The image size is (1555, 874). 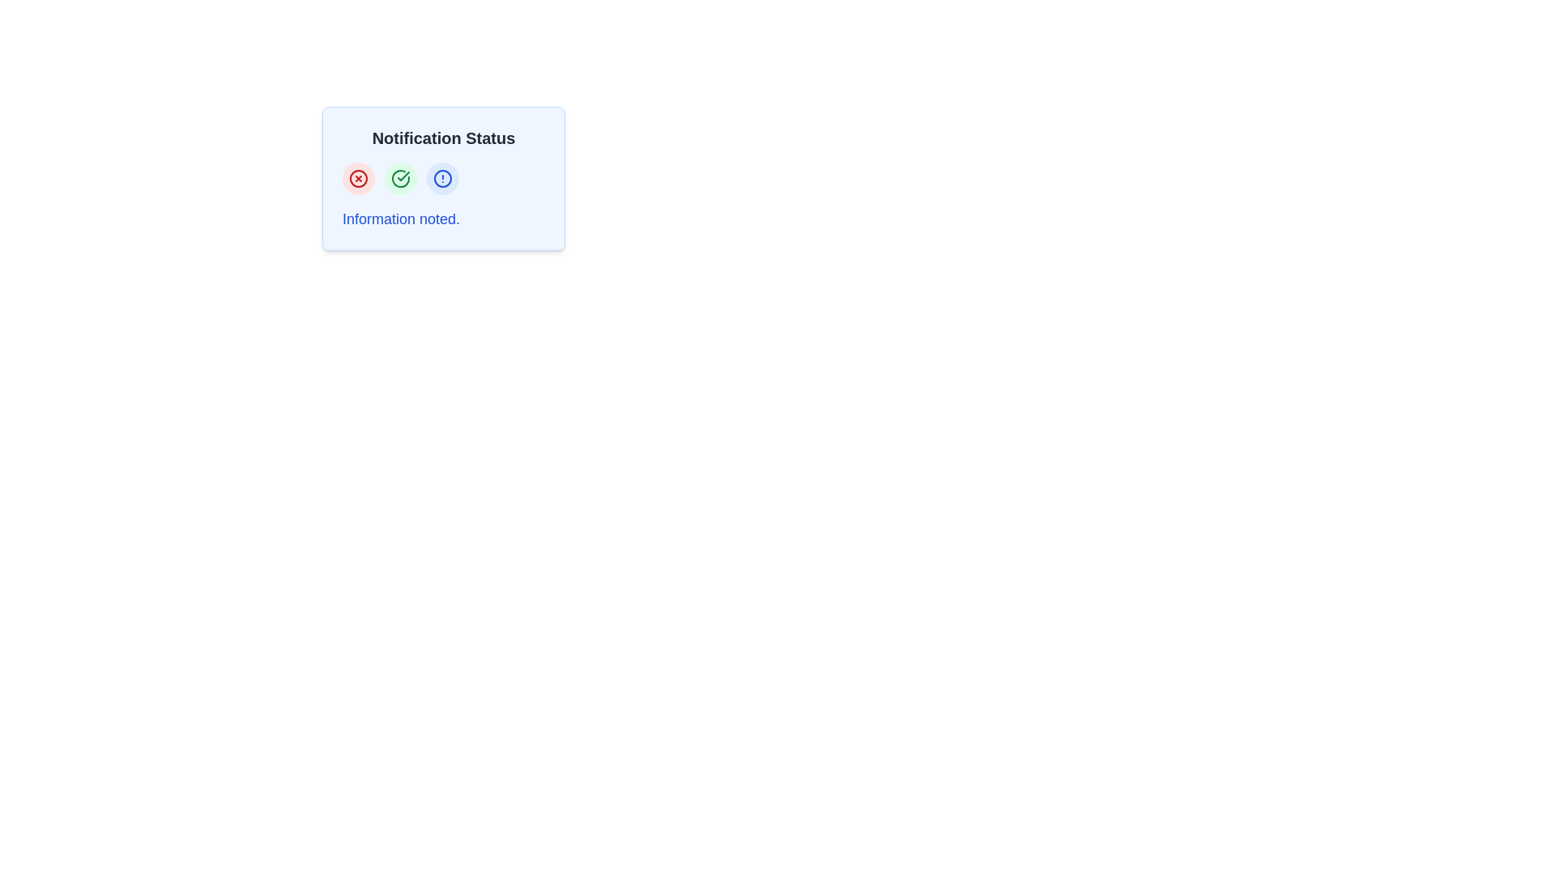 I want to click on the success indicator icon located in the center of the 'Notification Status' section, positioned between the 'Error' icon on the left and the 'Information' icon on the right, so click(x=400, y=178).